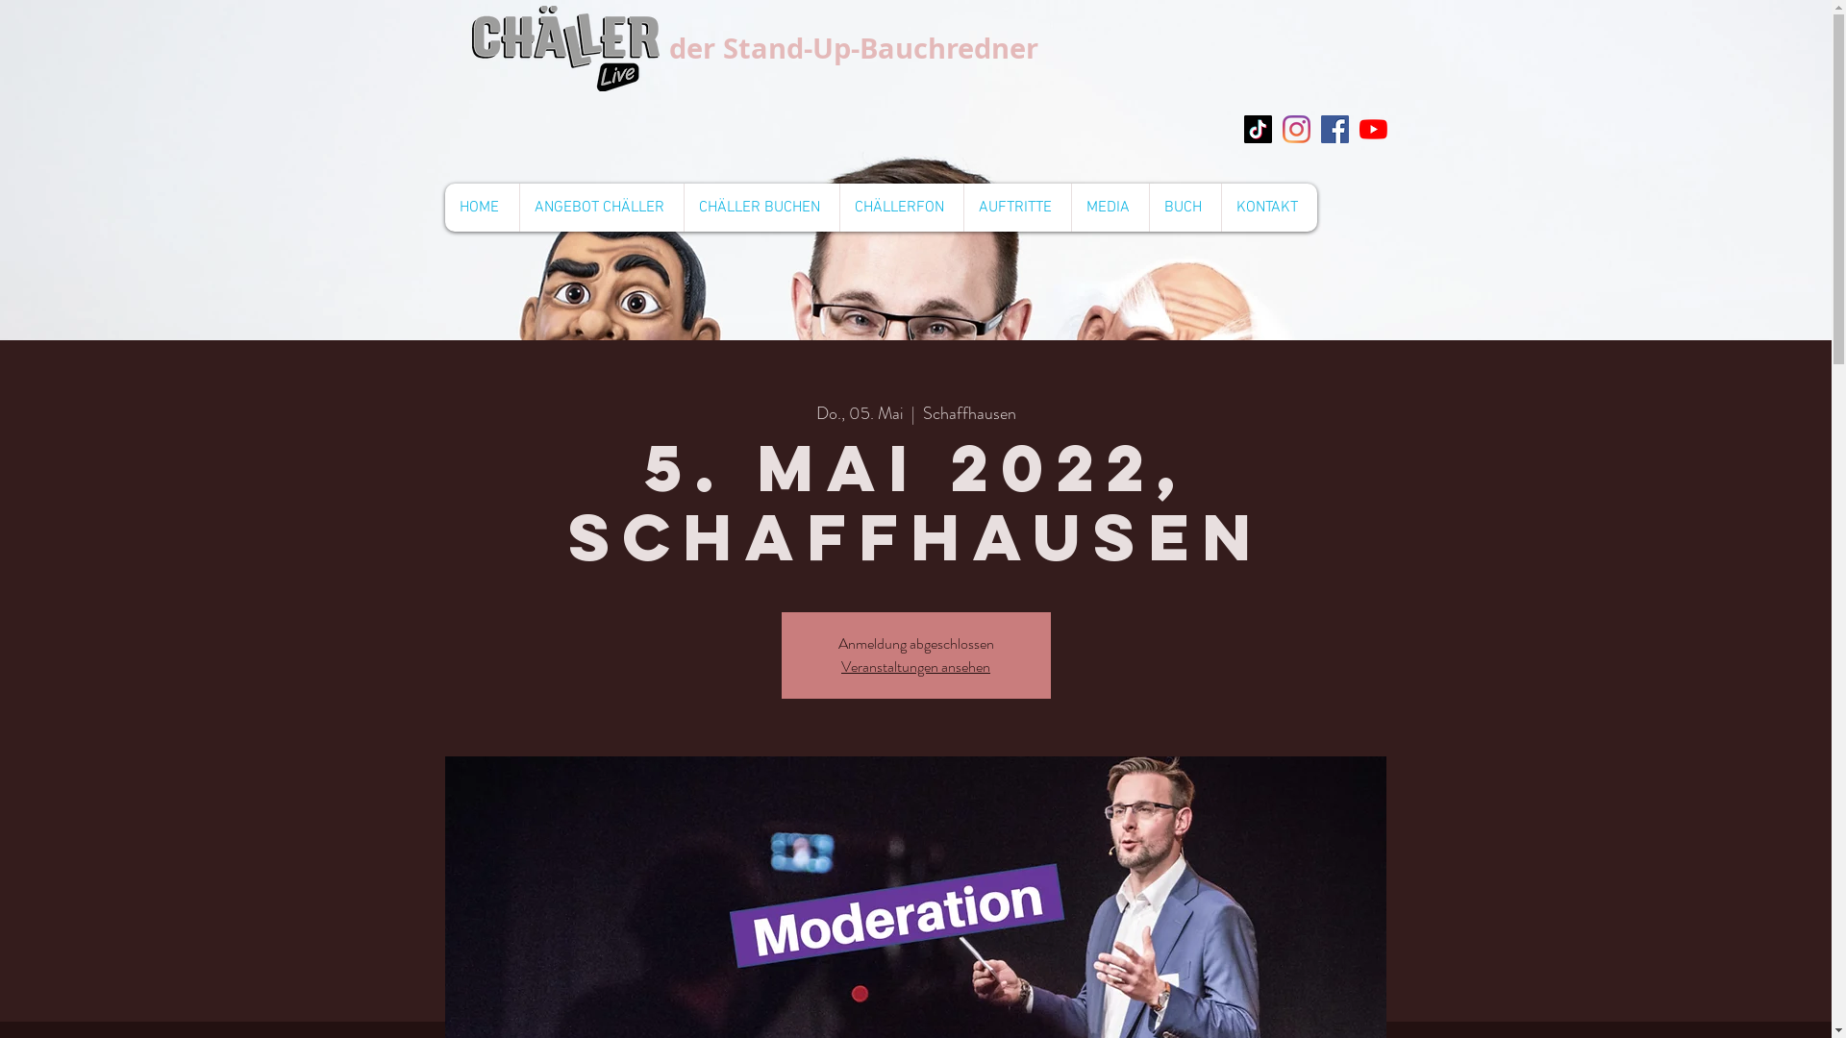 The height and width of the screenshot is (1038, 1846). I want to click on 'Veranstaltungen ansehen', so click(840, 665).